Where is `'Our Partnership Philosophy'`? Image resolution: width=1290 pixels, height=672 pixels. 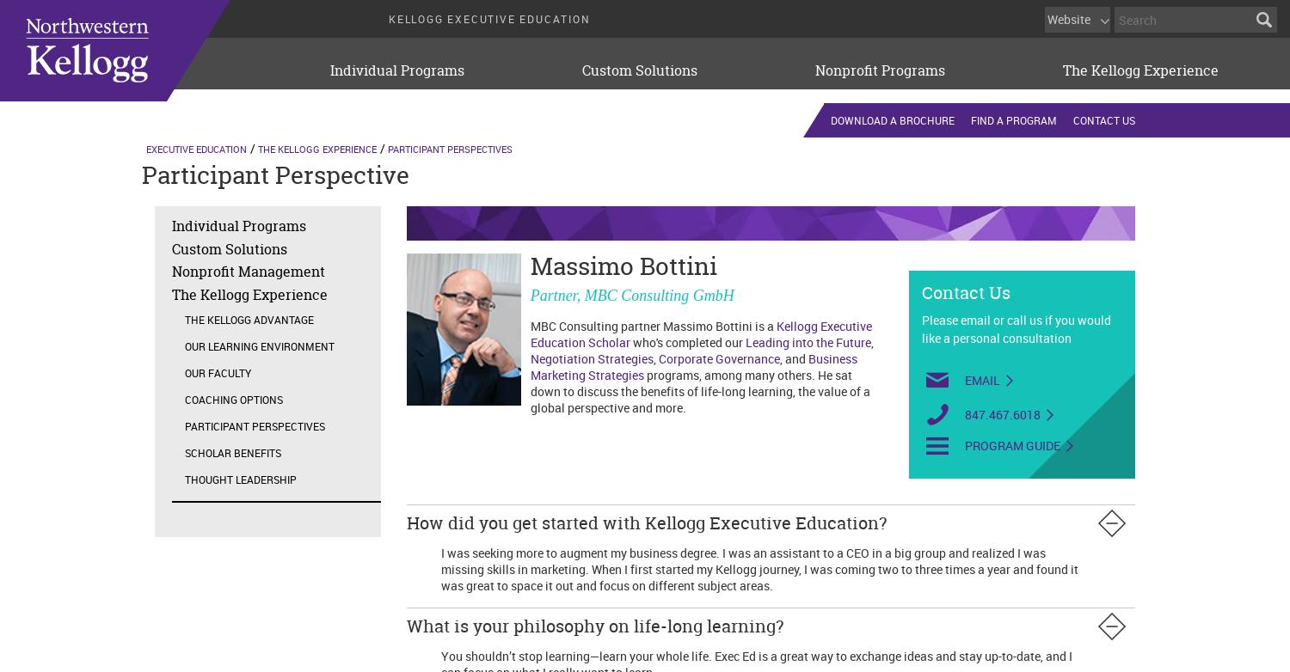 'Our Partnership Philosophy' is located at coordinates (383, 122).